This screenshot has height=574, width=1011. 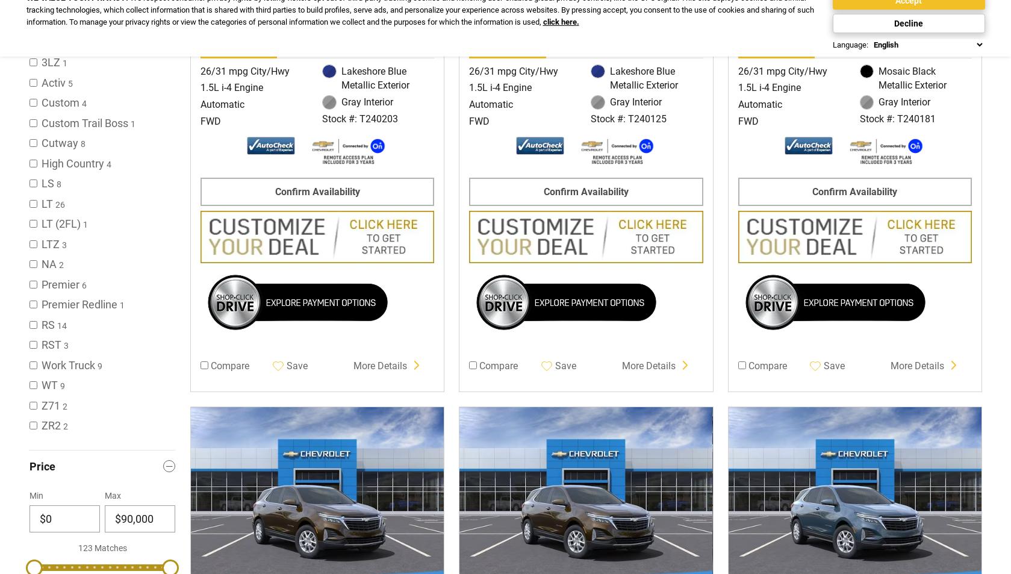 What do you see at coordinates (77, 547) in the screenshot?
I see `'123 Matches'` at bounding box center [77, 547].